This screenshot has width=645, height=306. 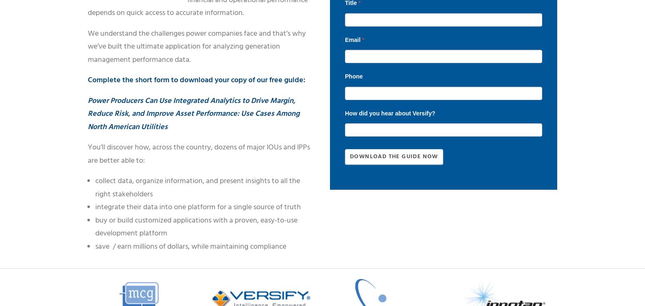 I want to click on '*', so click(x=363, y=39).